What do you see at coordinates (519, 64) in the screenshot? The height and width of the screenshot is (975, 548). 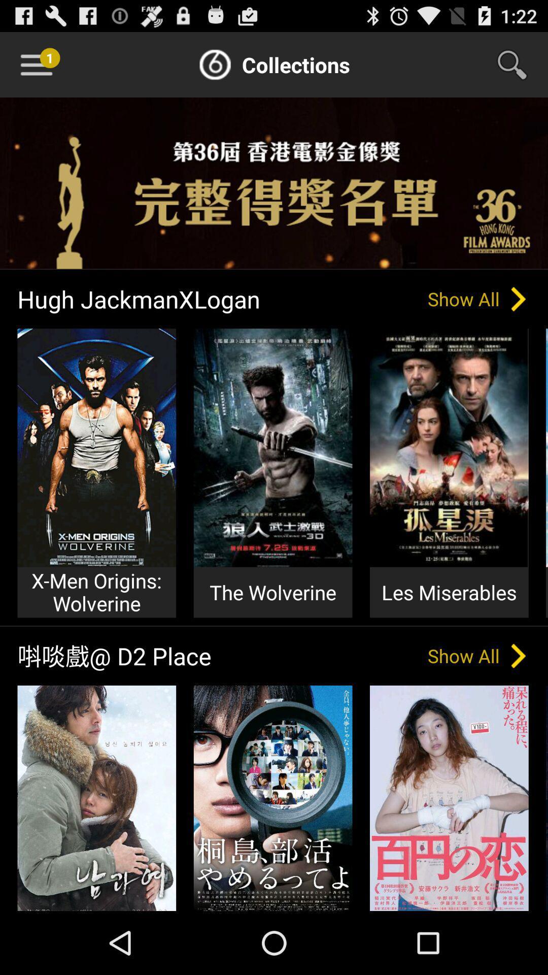 I see `search bar below time` at bounding box center [519, 64].